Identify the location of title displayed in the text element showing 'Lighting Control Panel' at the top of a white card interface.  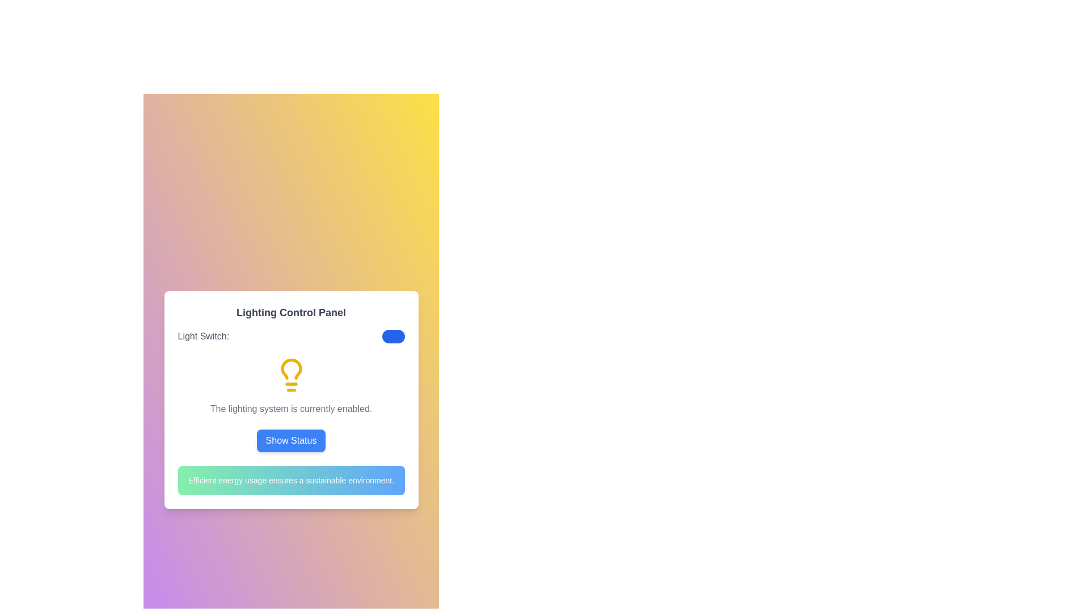
(291, 312).